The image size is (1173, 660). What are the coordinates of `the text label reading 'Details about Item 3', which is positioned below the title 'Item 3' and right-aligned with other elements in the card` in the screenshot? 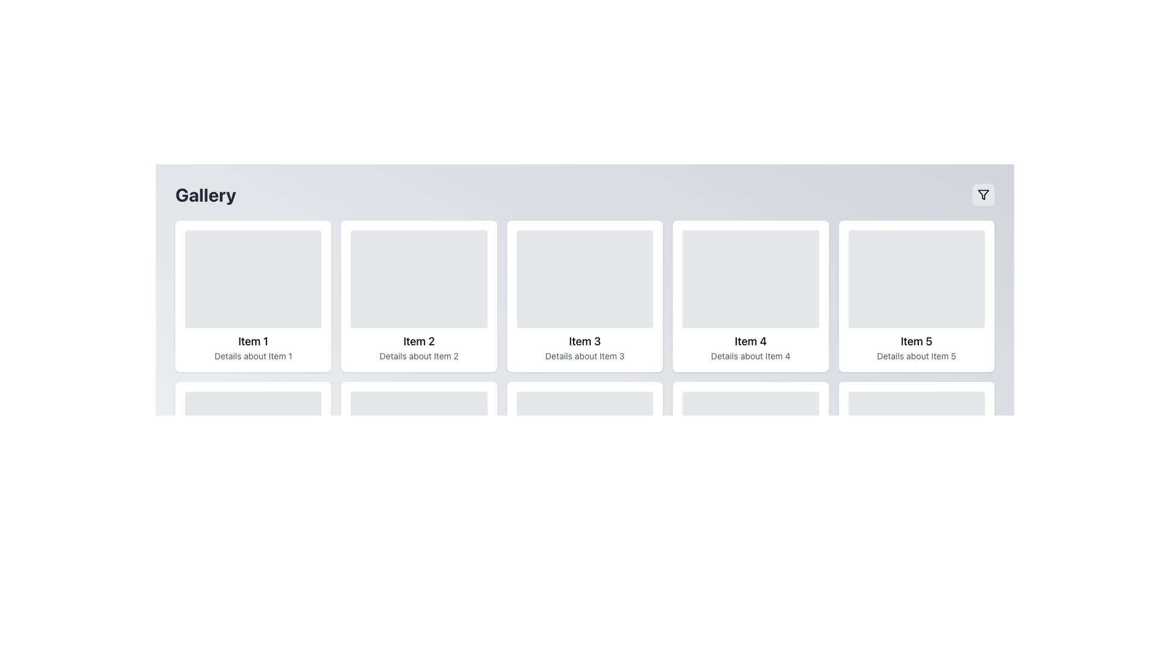 It's located at (584, 356).